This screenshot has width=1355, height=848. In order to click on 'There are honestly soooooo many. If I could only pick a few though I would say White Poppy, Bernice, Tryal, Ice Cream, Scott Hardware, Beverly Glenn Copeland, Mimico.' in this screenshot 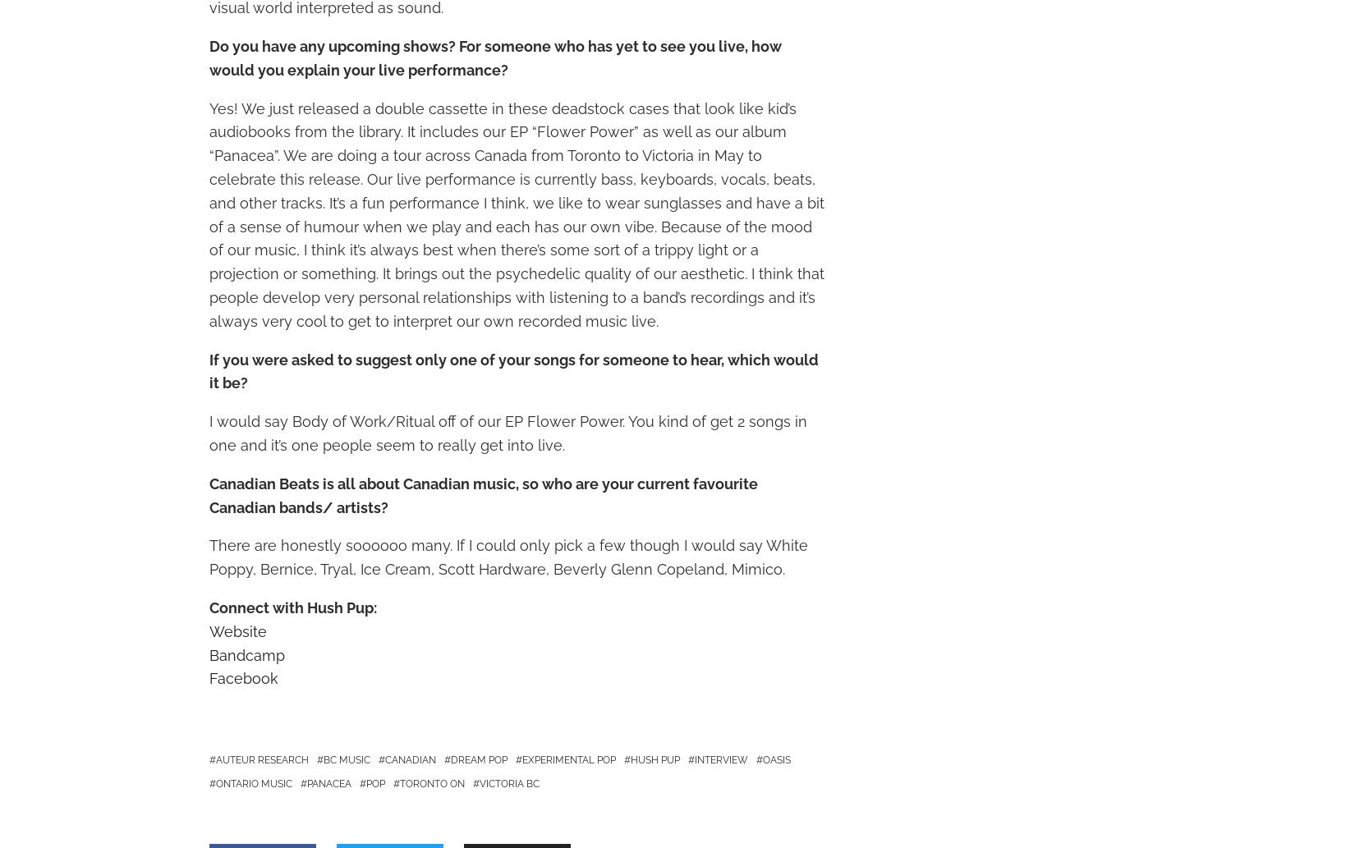, I will do `click(209, 556)`.